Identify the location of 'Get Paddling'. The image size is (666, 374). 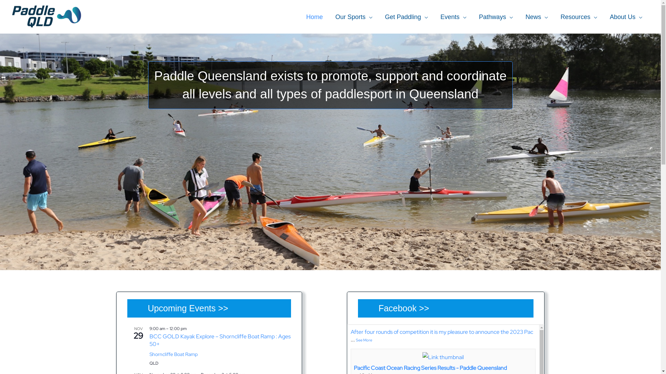
(406, 17).